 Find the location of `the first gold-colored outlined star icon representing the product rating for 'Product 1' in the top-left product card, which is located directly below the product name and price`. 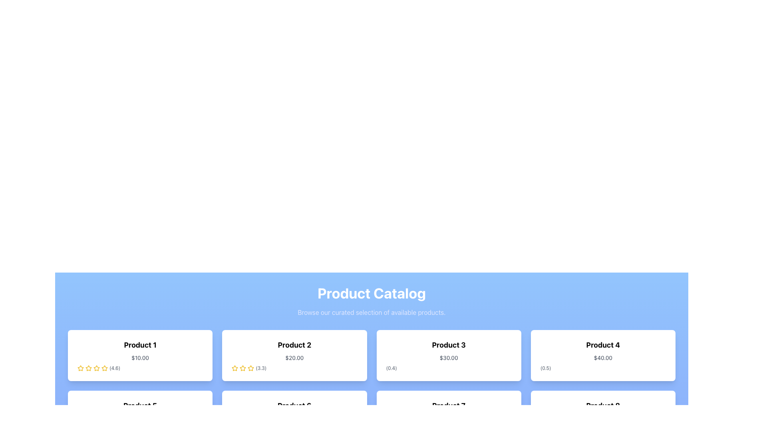

the first gold-colored outlined star icon representing the product rating for 'Product 1' in the top-left product card, which is located directly below the product name and price is located at coordinates (80, 368).